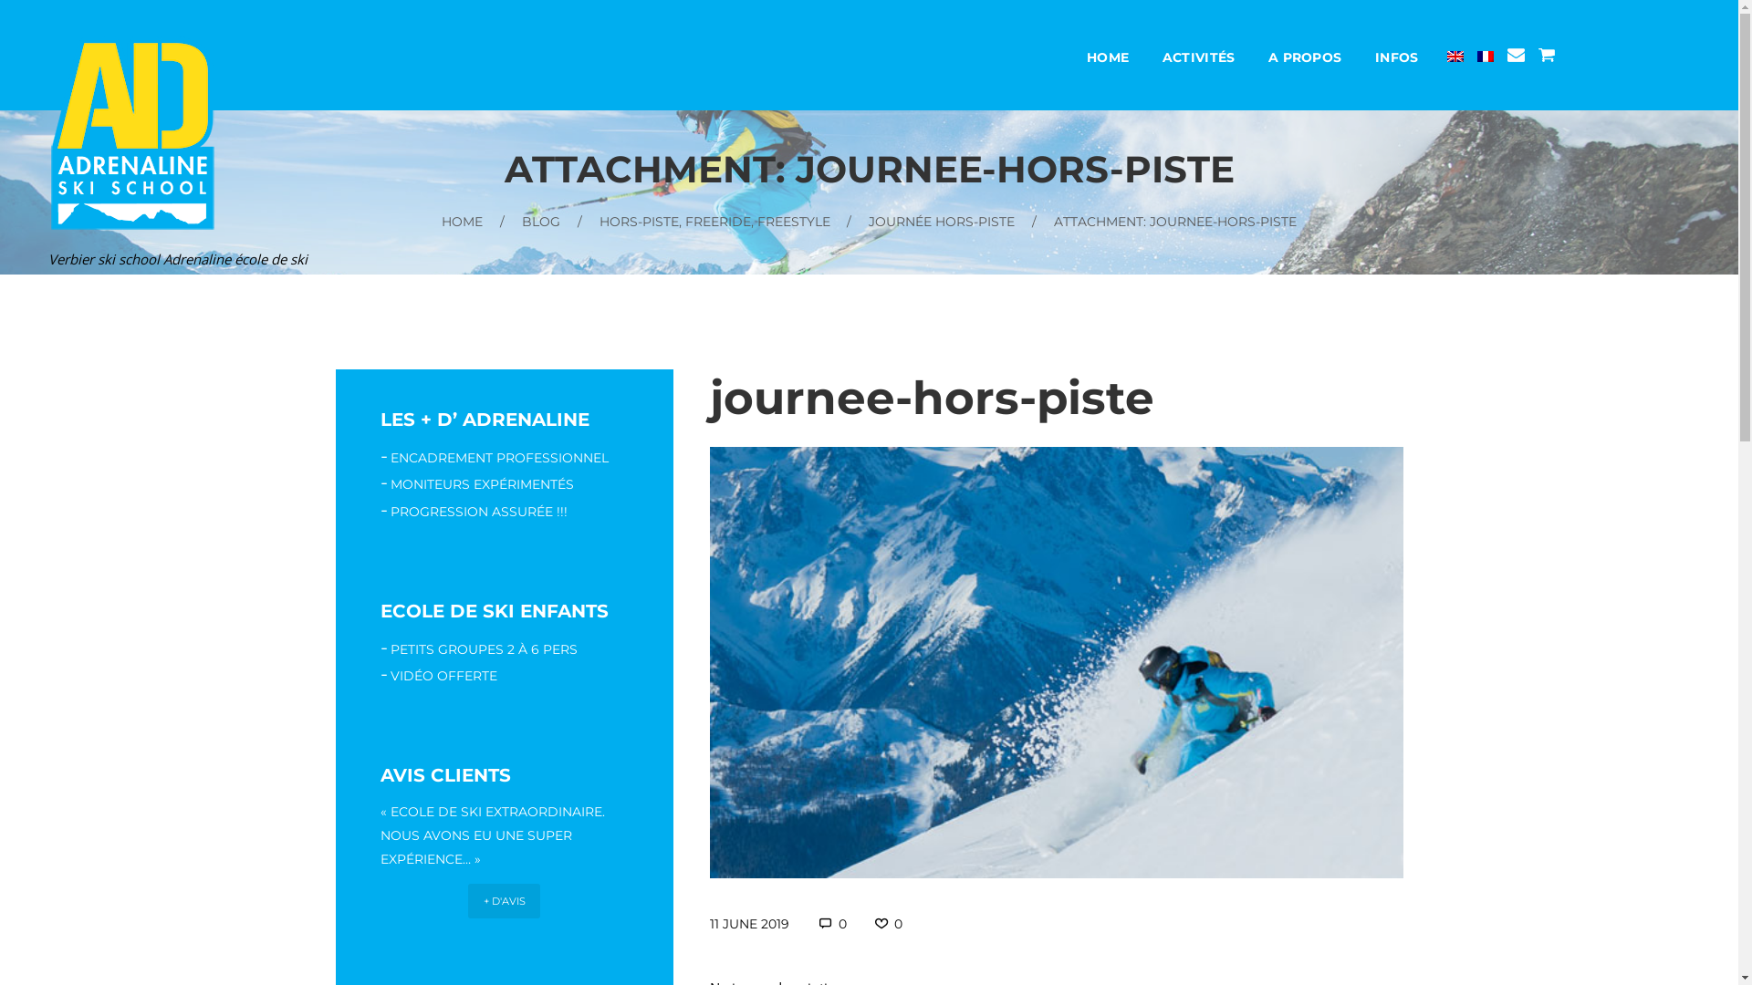 The image size is (1752, 985). I want to click on '11 JUNE 2019', so click(708, 924).